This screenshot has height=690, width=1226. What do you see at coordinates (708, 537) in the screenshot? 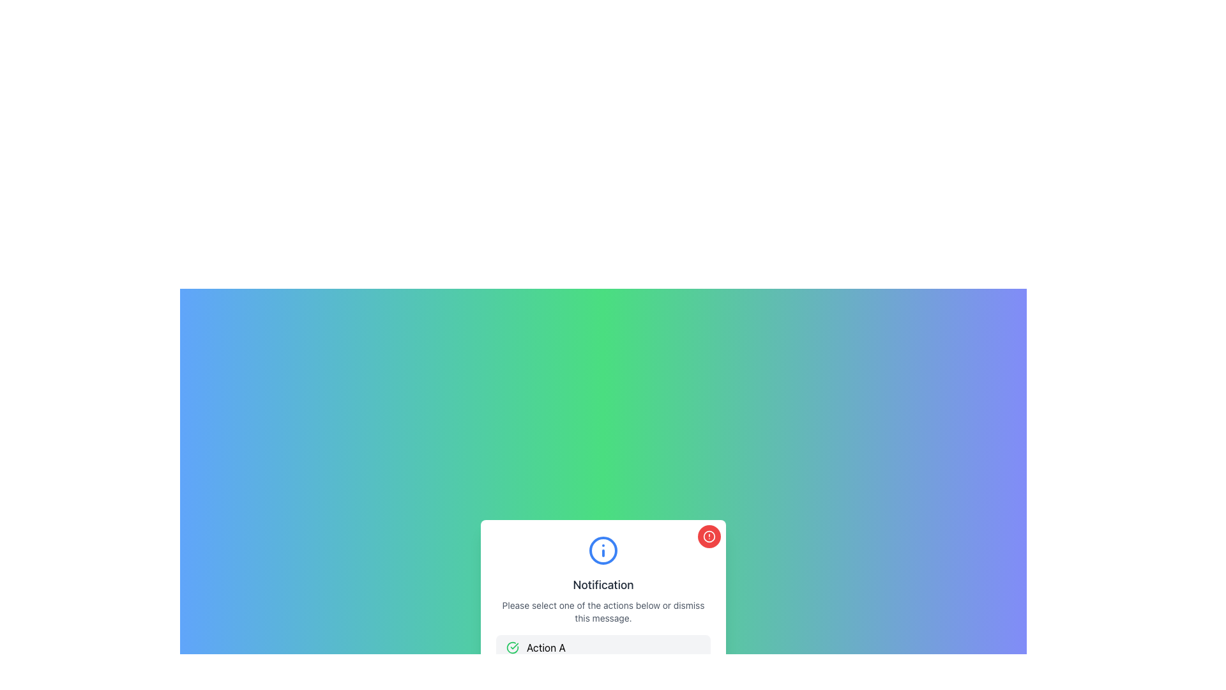
I see `the button in the top-right corner of the notification card` at bounding box center [708, 537].